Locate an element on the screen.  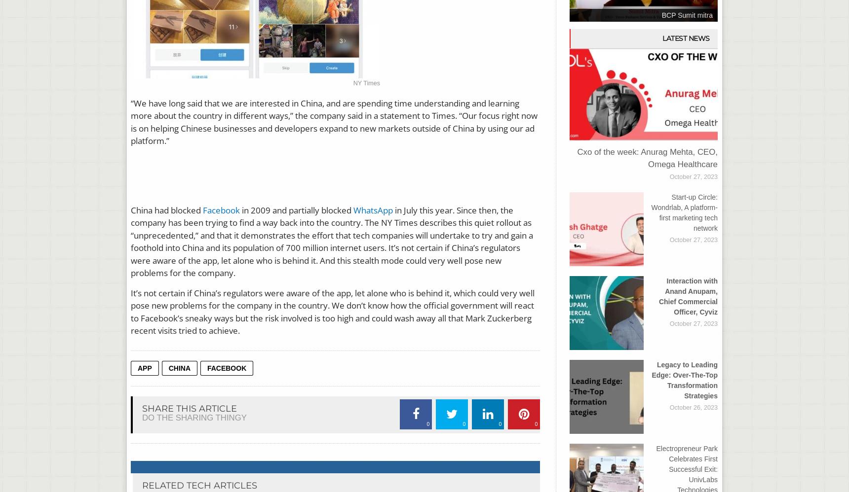
'Related Tech Articles' is located at coordinates (199, 485).